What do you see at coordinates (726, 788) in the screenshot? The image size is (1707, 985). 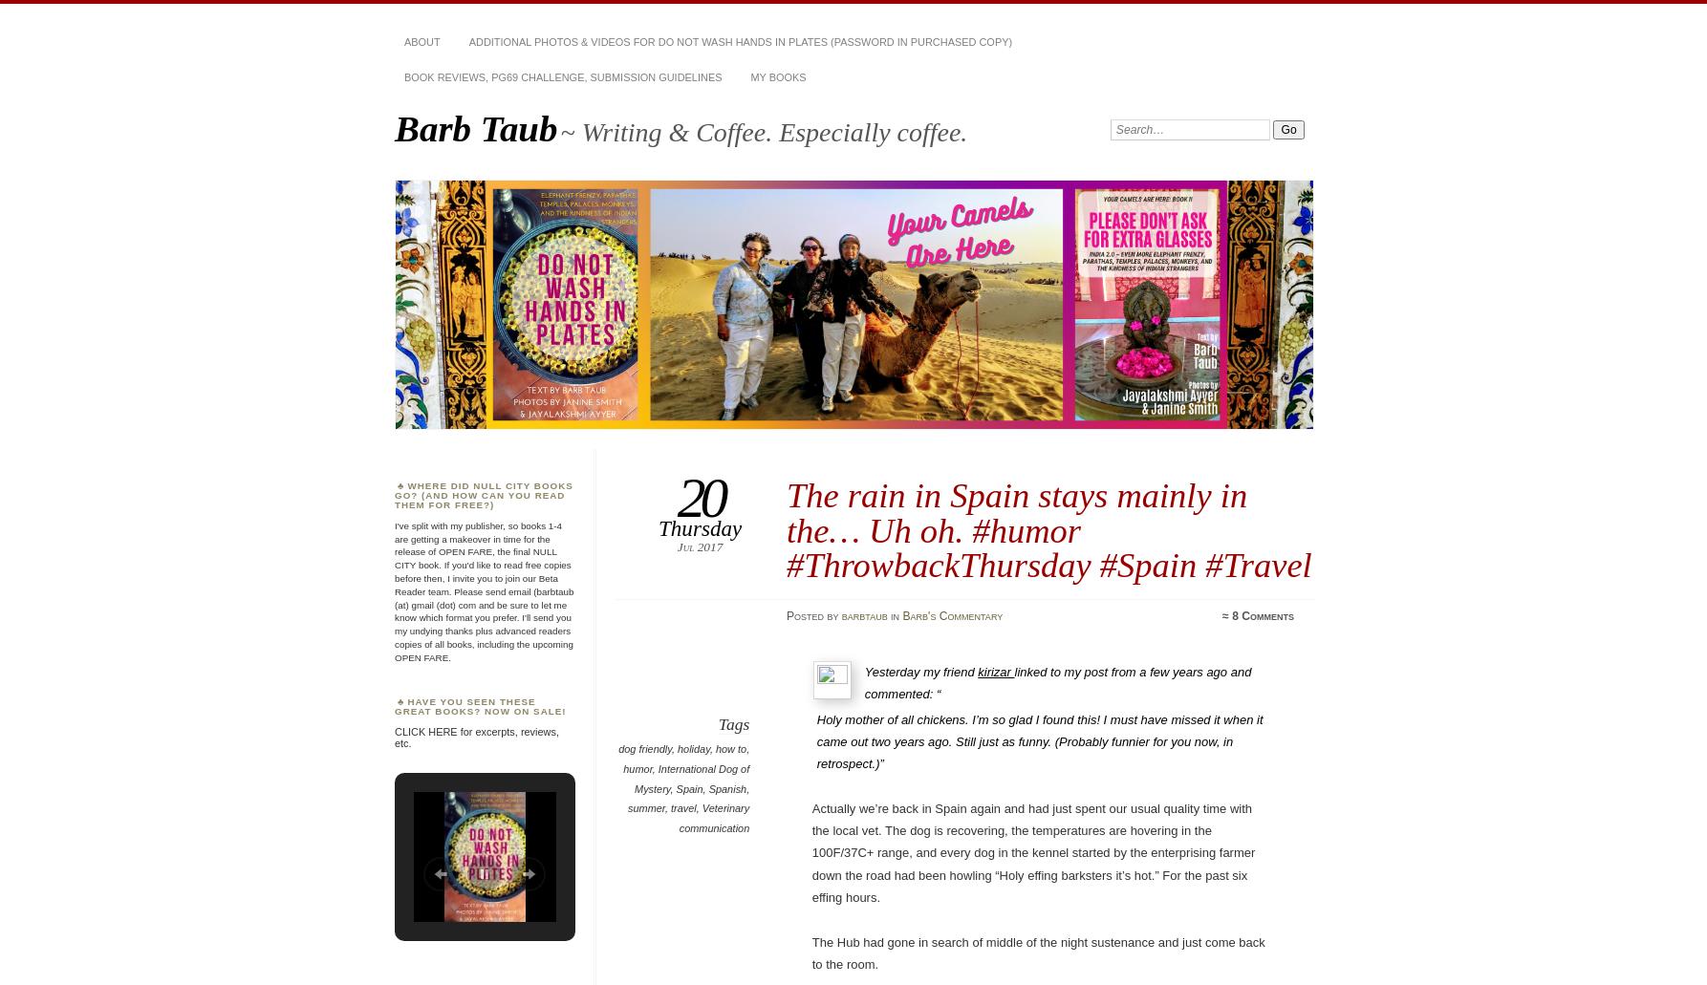 I see `'Spanish'` at bounding box center [726, 788].